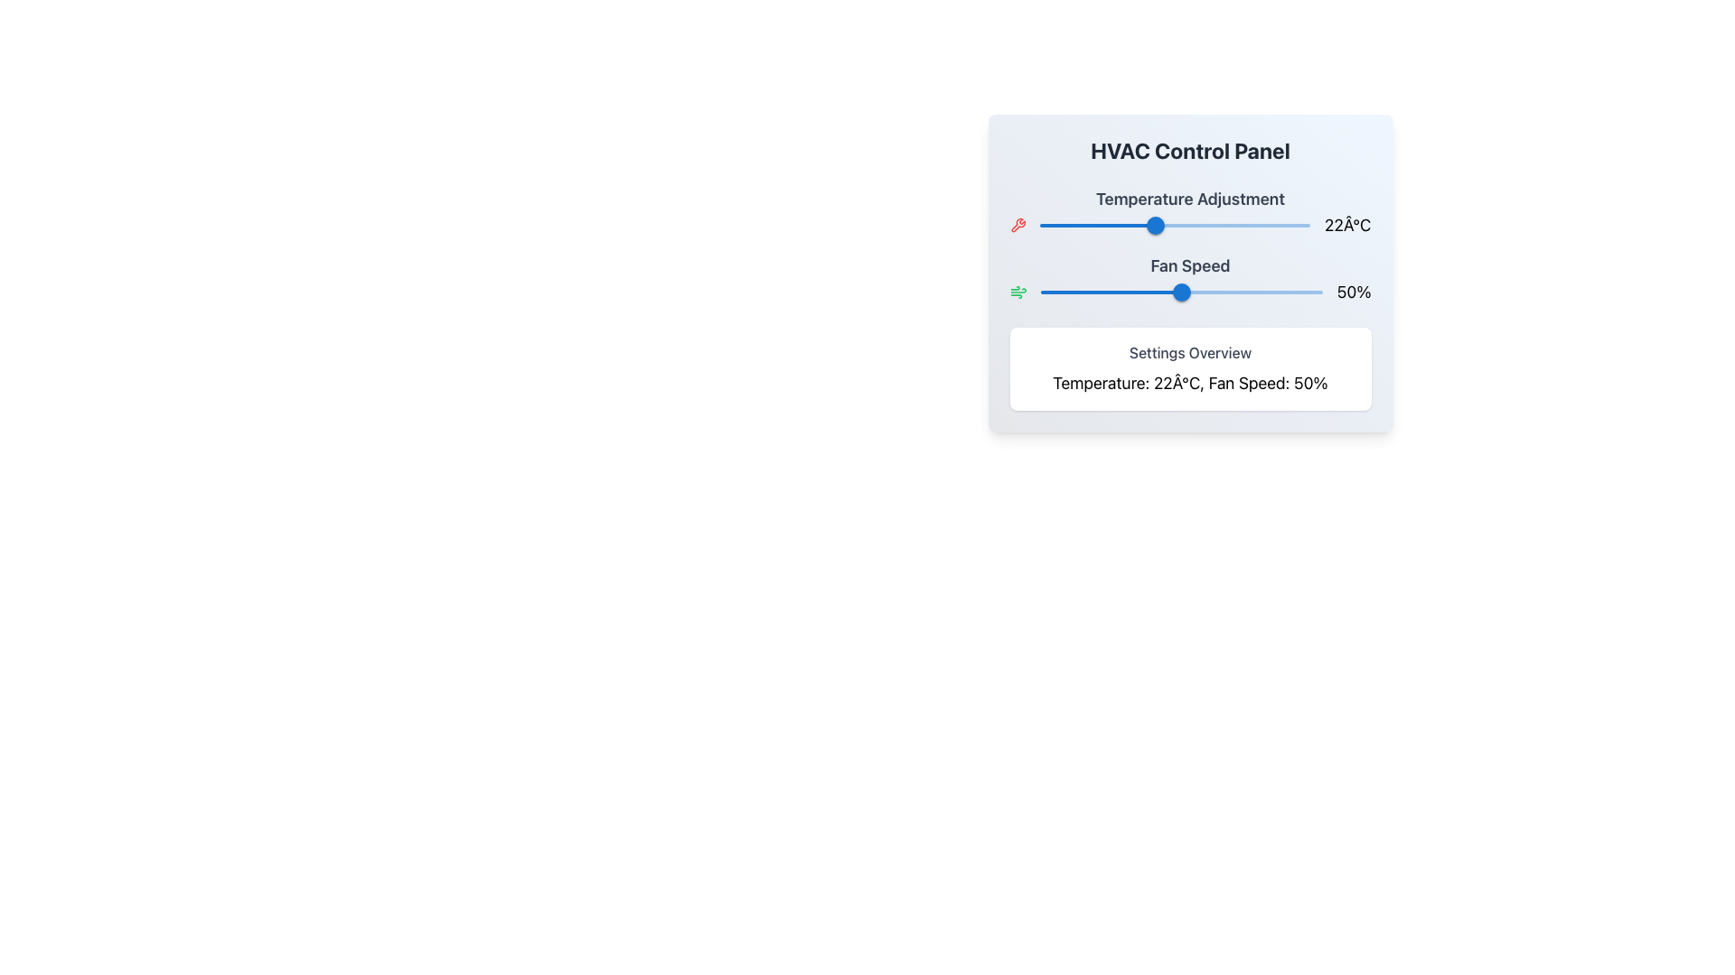 The height and width of the screenshot is (975, 1735). Describe the element at coordinates (1190, 279) in the screenshot. I see `the fan speed control slider, which is labeled 'Fan Speed' and displays a current value of '50%'` at that location.